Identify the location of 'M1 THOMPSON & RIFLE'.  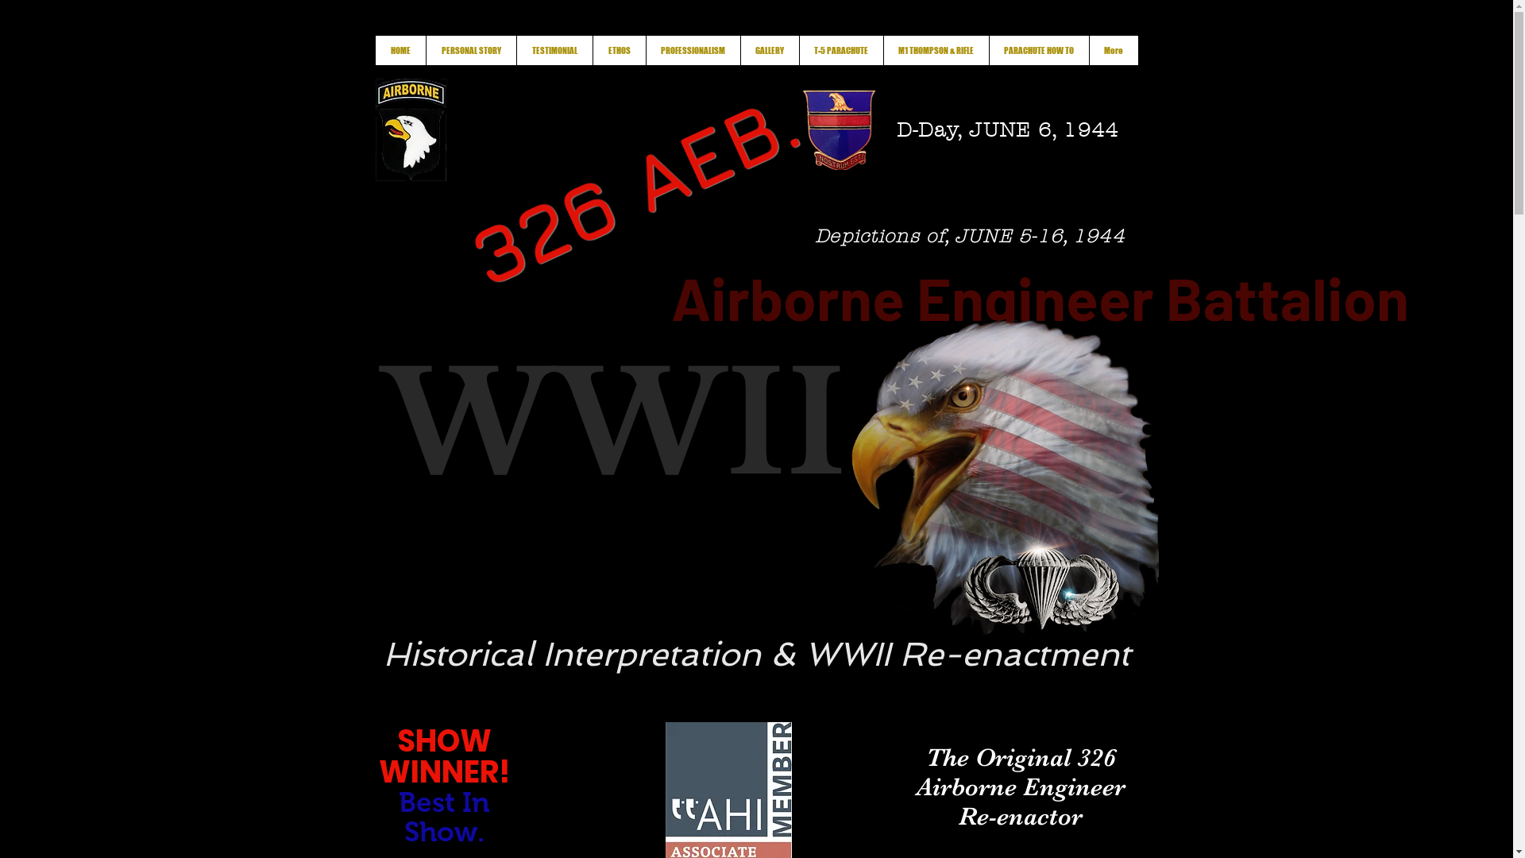
(936, 49).